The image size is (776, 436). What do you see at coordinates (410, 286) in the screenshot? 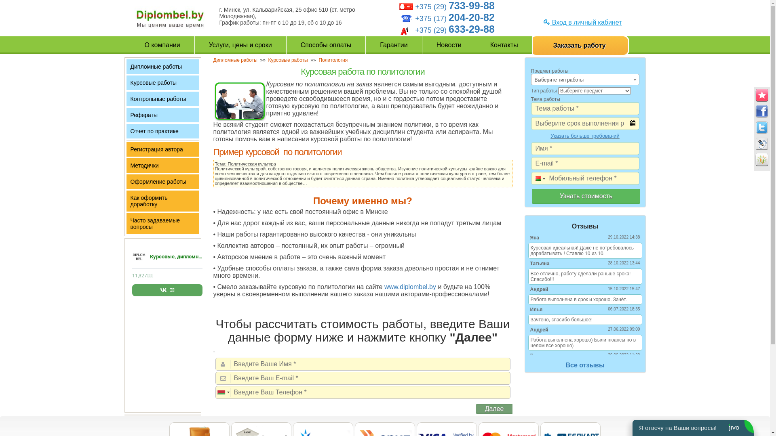
I see `'www.diplombel.by'` at bounding box center [410, 286].